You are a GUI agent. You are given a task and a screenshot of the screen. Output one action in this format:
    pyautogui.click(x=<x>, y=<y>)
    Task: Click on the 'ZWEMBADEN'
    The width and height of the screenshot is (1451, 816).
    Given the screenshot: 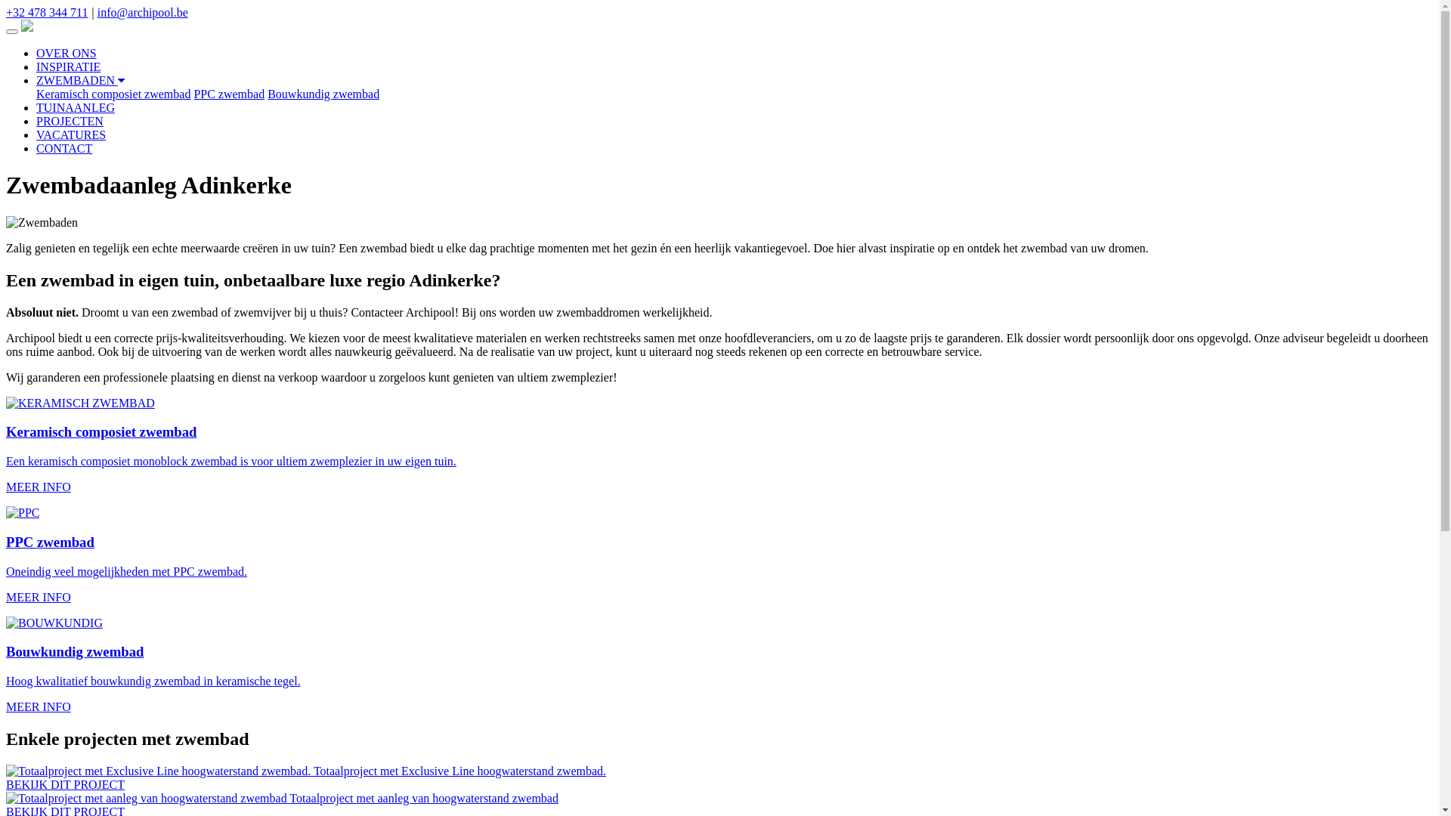 What is the action you would take?
    pyautogui.click(x=79, y=80)
    